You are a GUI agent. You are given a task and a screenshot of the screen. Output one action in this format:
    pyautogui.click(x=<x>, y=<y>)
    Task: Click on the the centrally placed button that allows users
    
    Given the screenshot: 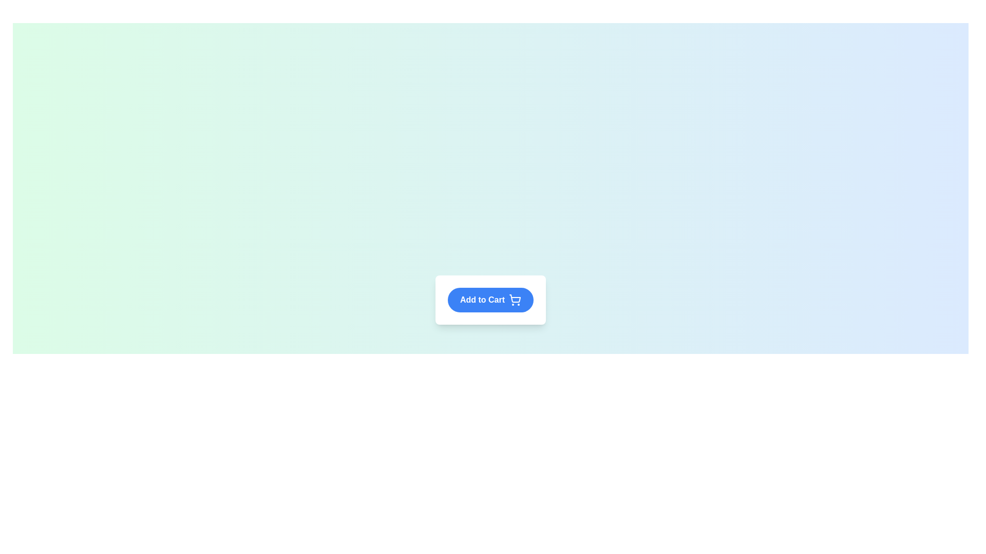 What is the action you would take?
    pyautogui.click(x=490, y=300)
    